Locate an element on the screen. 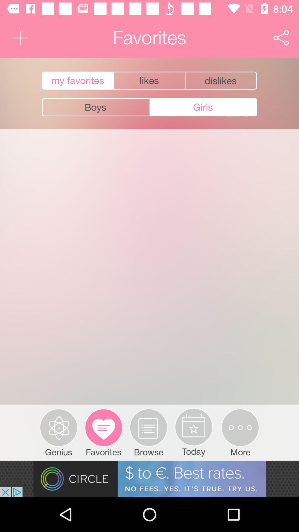  open dislikes is located at coordinates (221, 80).